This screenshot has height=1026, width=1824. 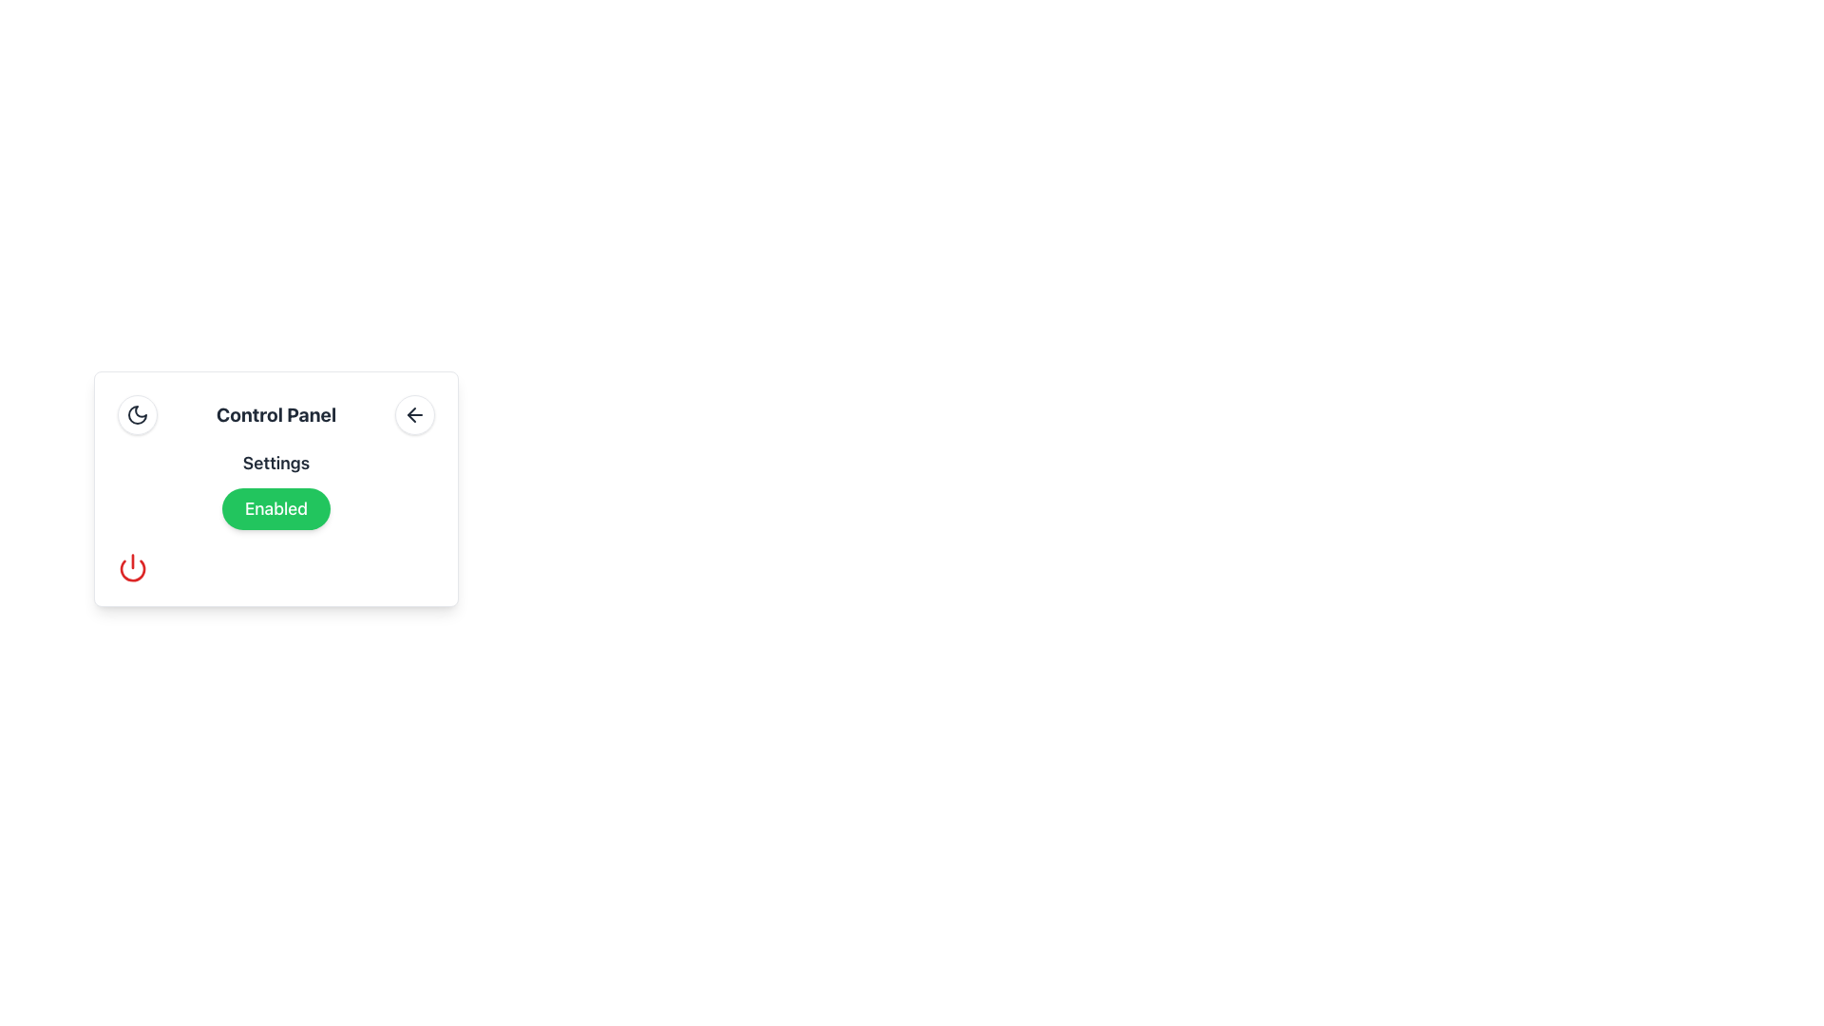 I want to click on the crescent moon-shaped icon located in the top right corner of the card-like component, next to the 'Control Panel' title, so click(x=136, y=413).